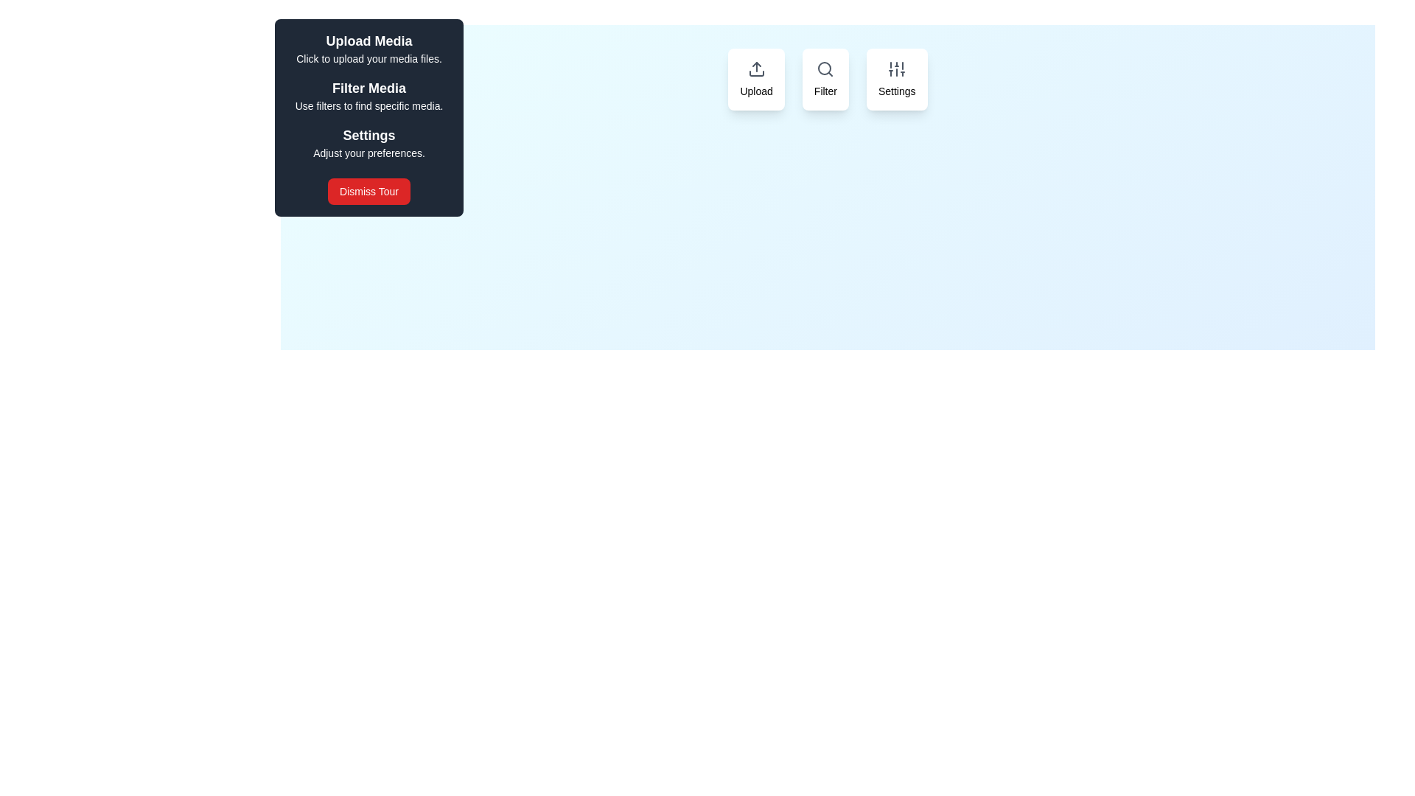 The image size is (1415, 796). I want to click on the circular Graphic SVG element that is part of the search icon, located to the right of the 'Filter' button in the toolbar, so click(824, 68).